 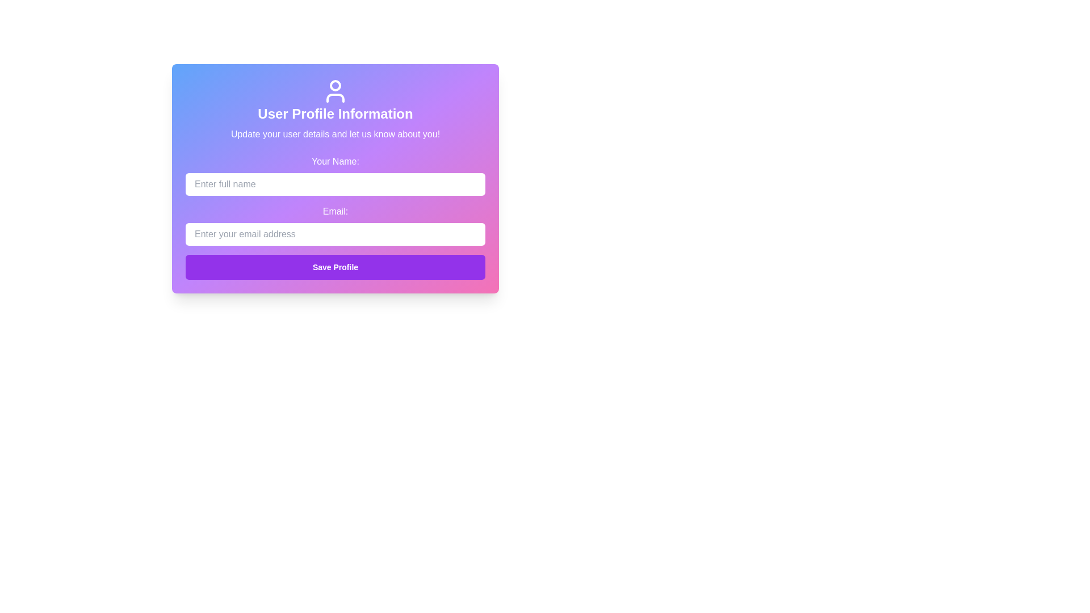 What do you see at coordinates (334, 114) in the screenshot?
I see `the static text label that reads 'User Profile Information', which is centrally positioned in the header of the card interface` at bounding box center [334, 114].